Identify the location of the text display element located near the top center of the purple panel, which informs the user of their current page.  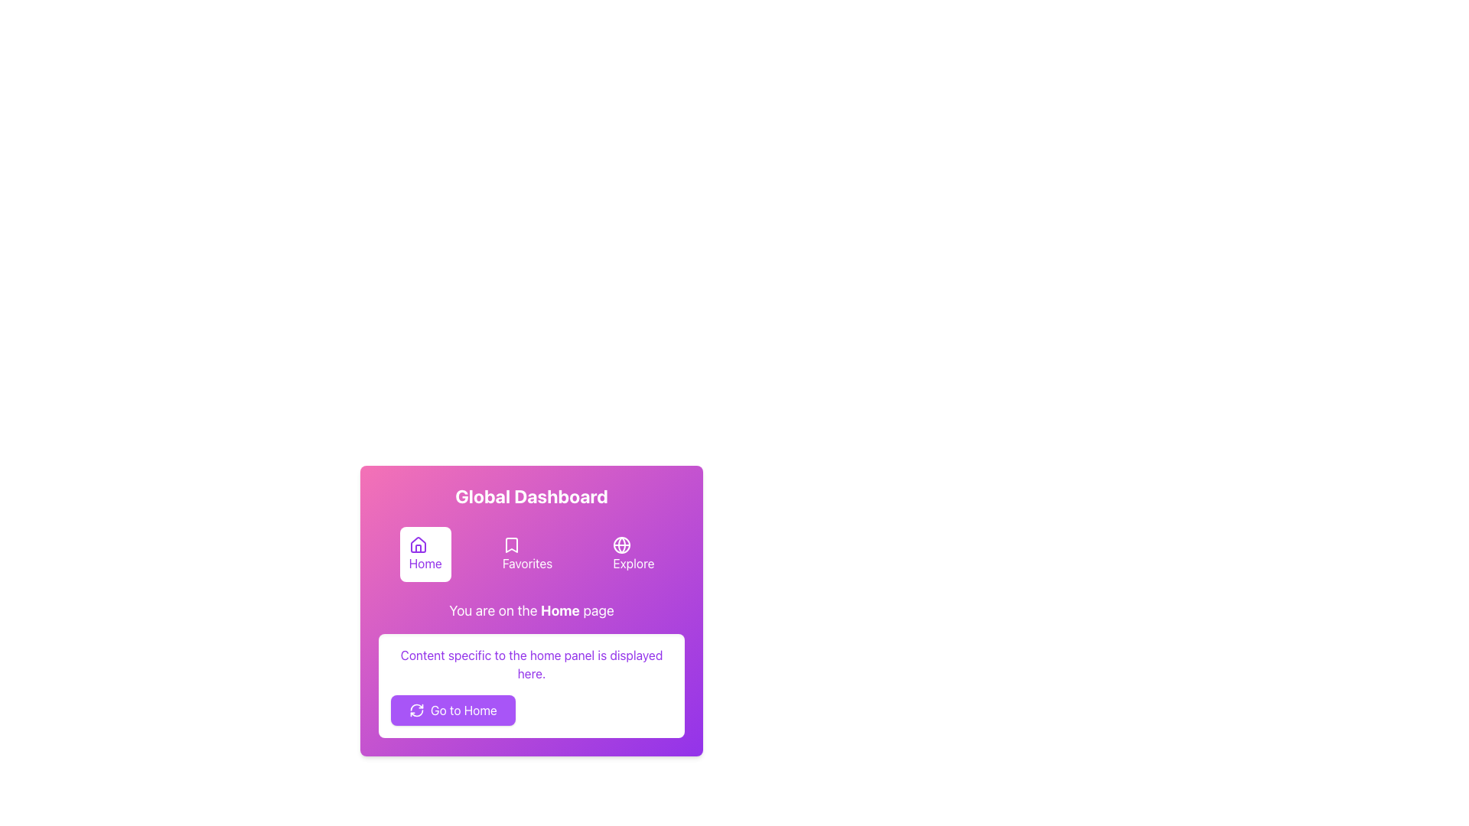
(532, 610).